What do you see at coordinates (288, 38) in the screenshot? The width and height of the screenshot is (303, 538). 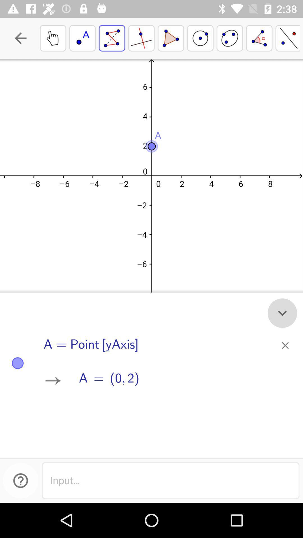 I see `the last button which is at the top of the page` at bounding box center [288, 38].